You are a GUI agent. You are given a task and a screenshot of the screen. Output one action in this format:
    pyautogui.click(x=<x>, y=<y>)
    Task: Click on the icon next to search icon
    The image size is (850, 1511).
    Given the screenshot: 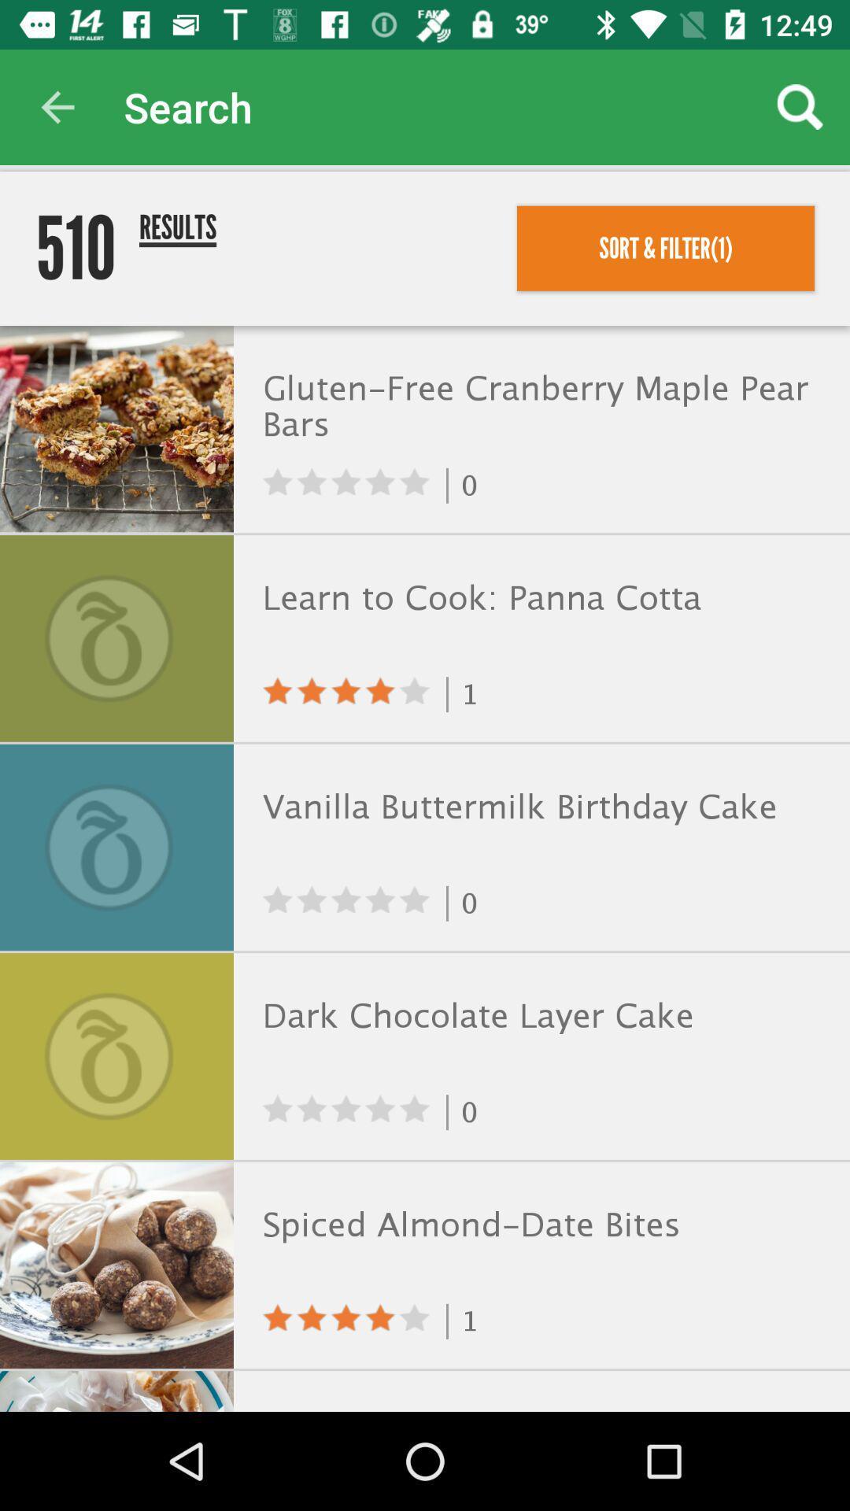 What is the action you would take?
    pyautogui.click(x=57, y=106)
    